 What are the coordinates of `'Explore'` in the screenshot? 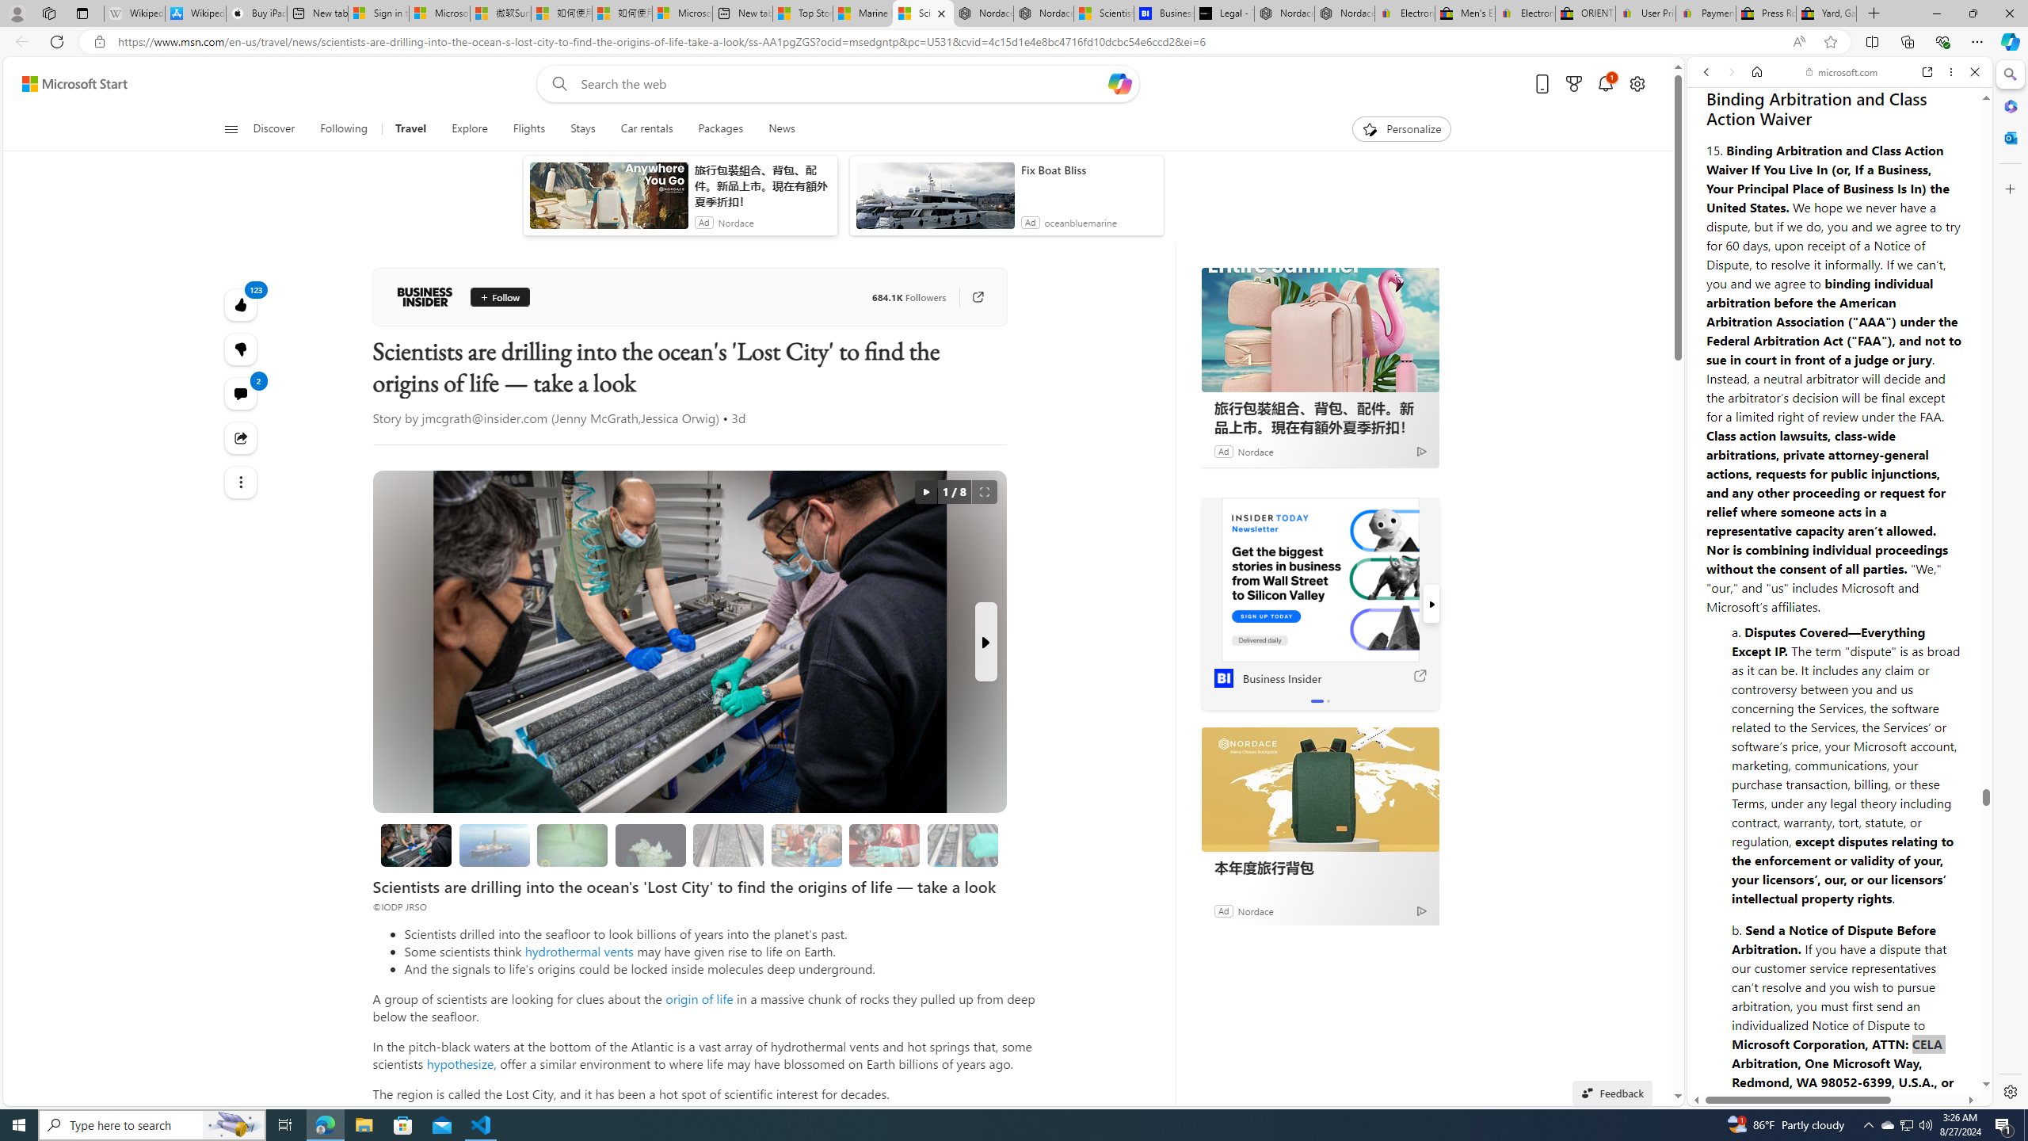 It's located at (468, 128).